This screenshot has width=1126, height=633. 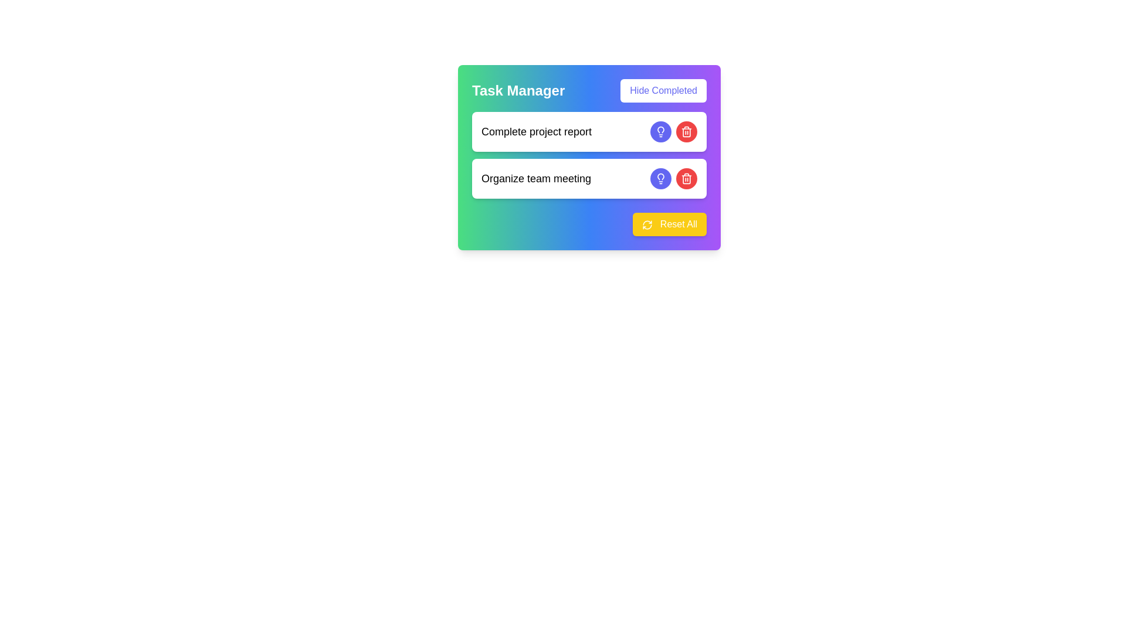 What do you see at coordinates (687, 178) in the screenshot?
I see `the delete button for the second task entry, located at the far right of the row of controls` at bounding box center [687, 178].